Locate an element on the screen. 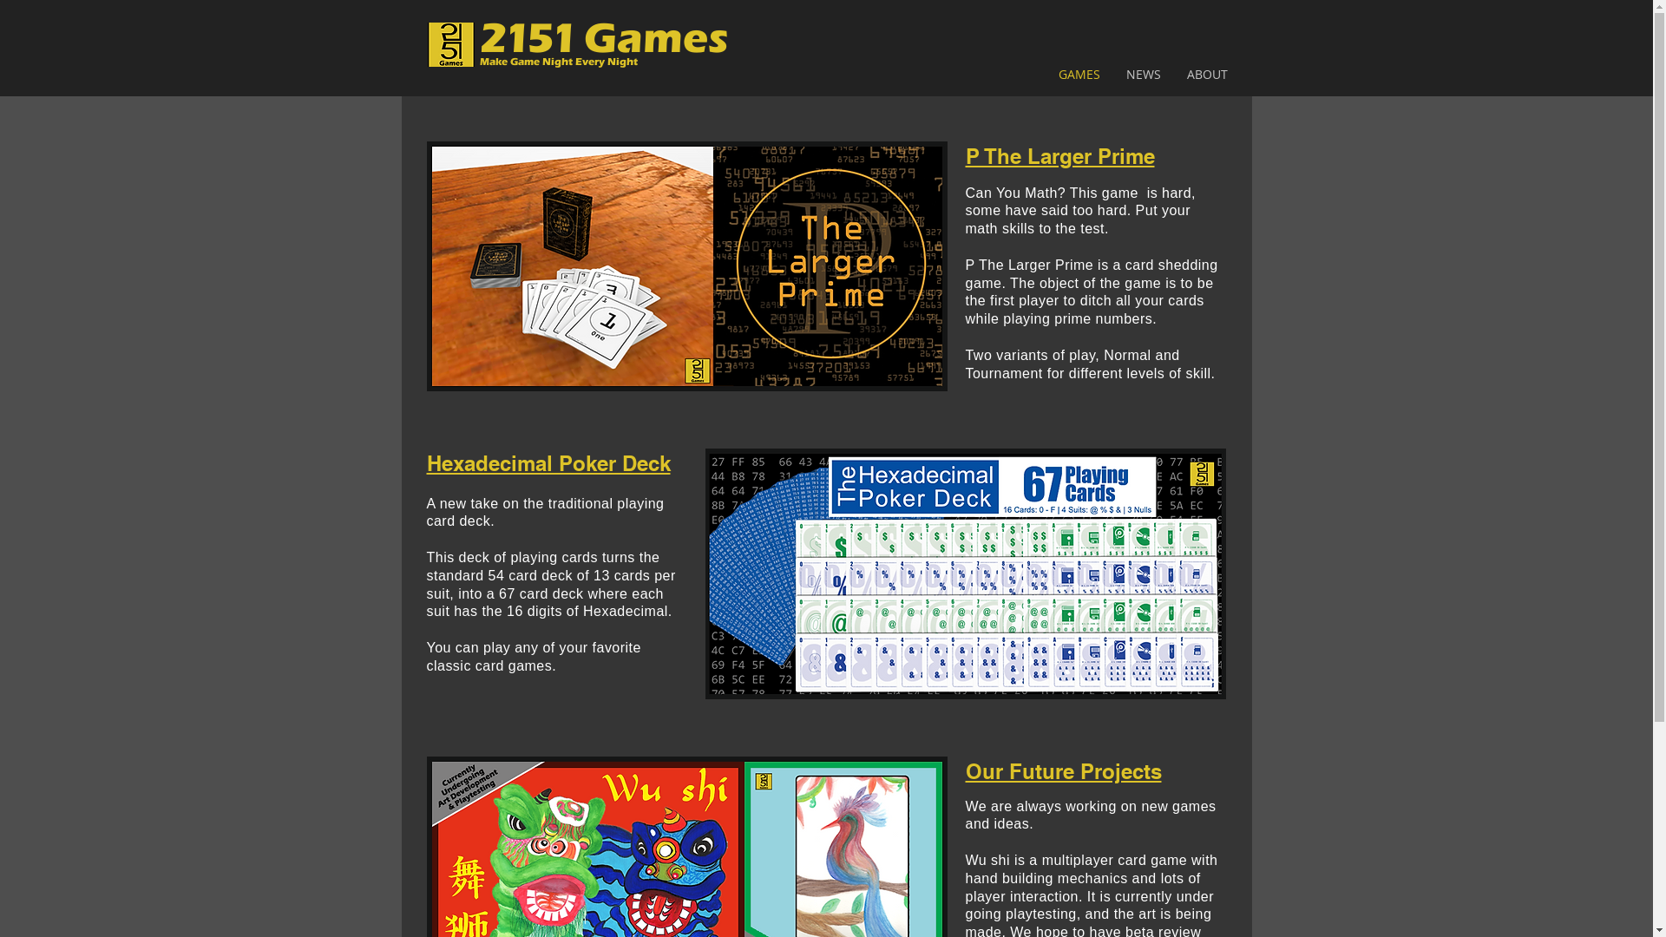 The width and height of the screenshot is (1666, 937). 'P The Larger Prime' is located at coordinates (1058, 156).